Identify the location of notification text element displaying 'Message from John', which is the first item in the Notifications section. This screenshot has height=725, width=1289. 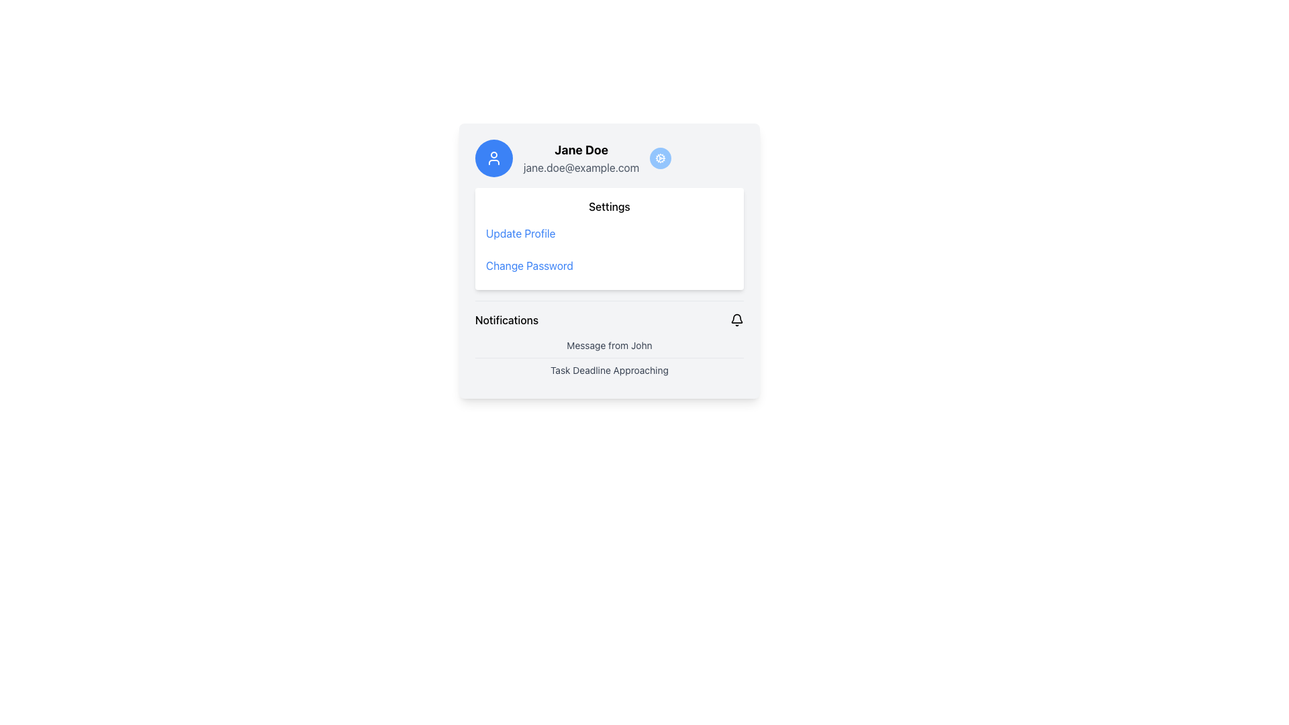
(608, 345).